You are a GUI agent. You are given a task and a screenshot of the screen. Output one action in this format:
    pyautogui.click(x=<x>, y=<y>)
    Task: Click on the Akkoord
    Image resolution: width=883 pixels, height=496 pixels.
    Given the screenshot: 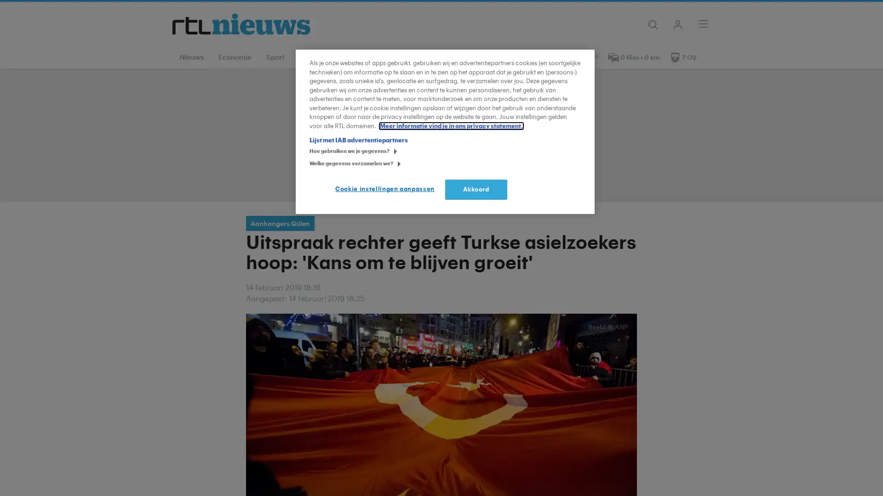 What is the action you would take?
    pyautogui.click(x=476, y=189)
    